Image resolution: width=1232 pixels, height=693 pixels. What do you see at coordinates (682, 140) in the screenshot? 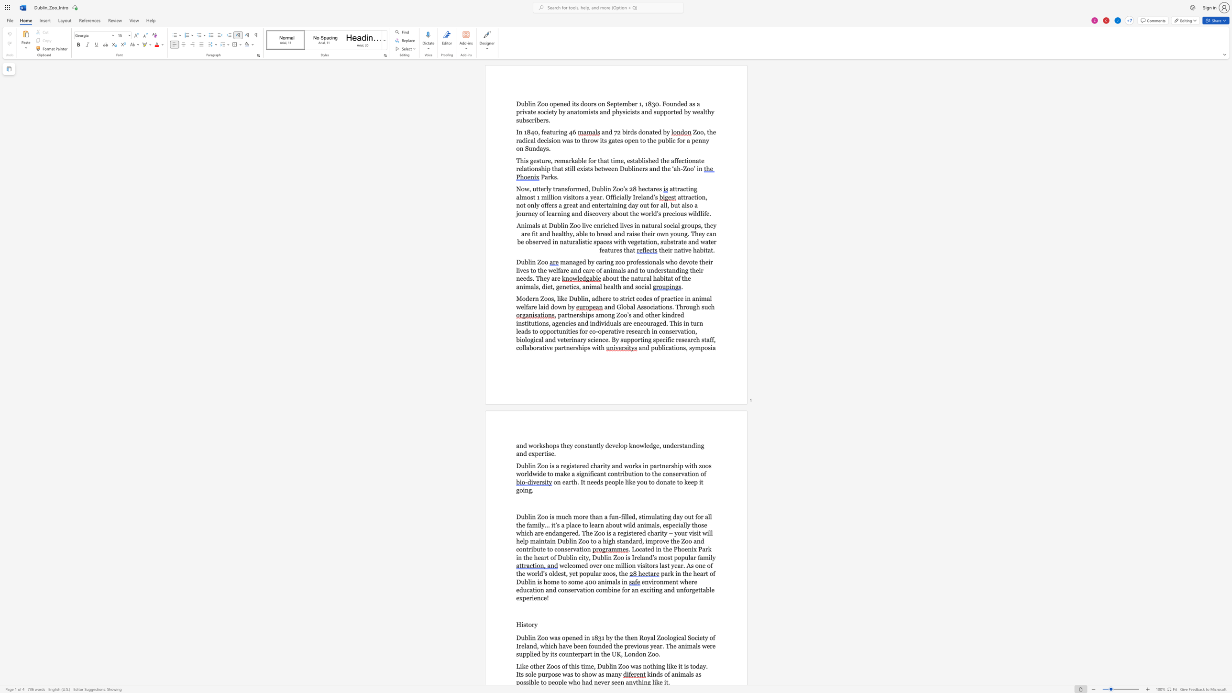
I see `the space between the continuous character "o" and "r" in the text` at bounding box center [682, 140].